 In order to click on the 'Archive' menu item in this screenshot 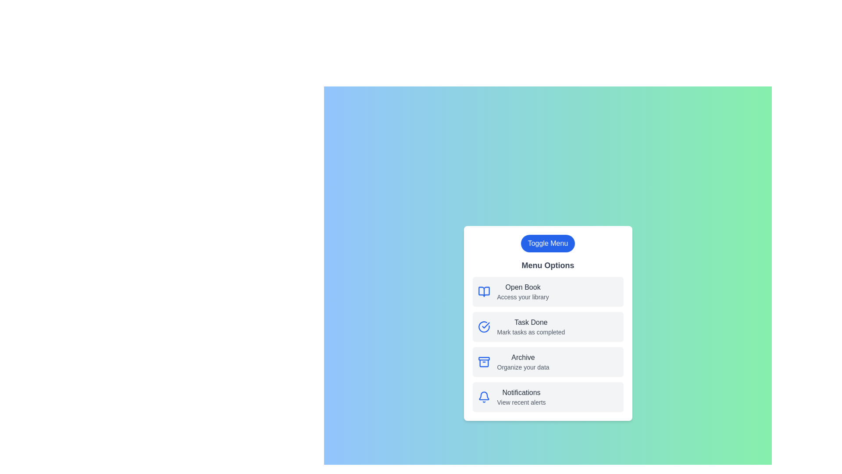, I will do `click(523, 357)`.